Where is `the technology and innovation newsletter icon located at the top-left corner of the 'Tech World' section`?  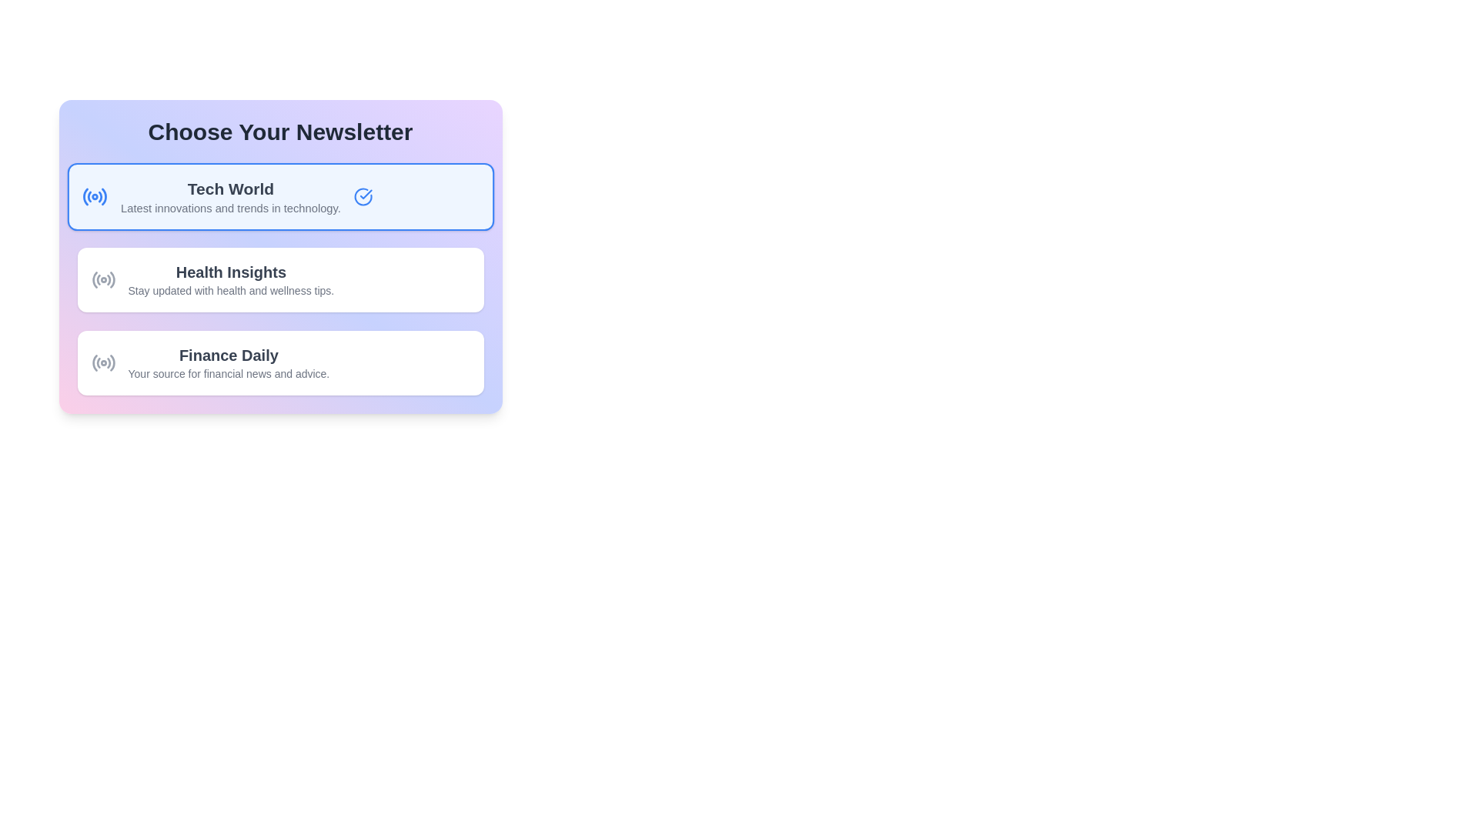
the technology and innovation newsletter icon located at the top-left corner of the 'Tech World' section is located at coordinates (94, 195).